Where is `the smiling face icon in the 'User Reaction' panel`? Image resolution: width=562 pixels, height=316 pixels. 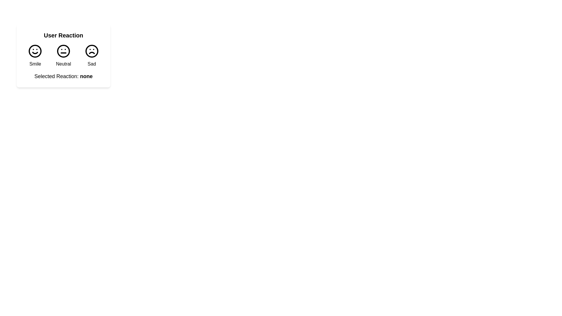 the smiling face icon in the 'User Reaction' panel is located at coordinates (35, 51).